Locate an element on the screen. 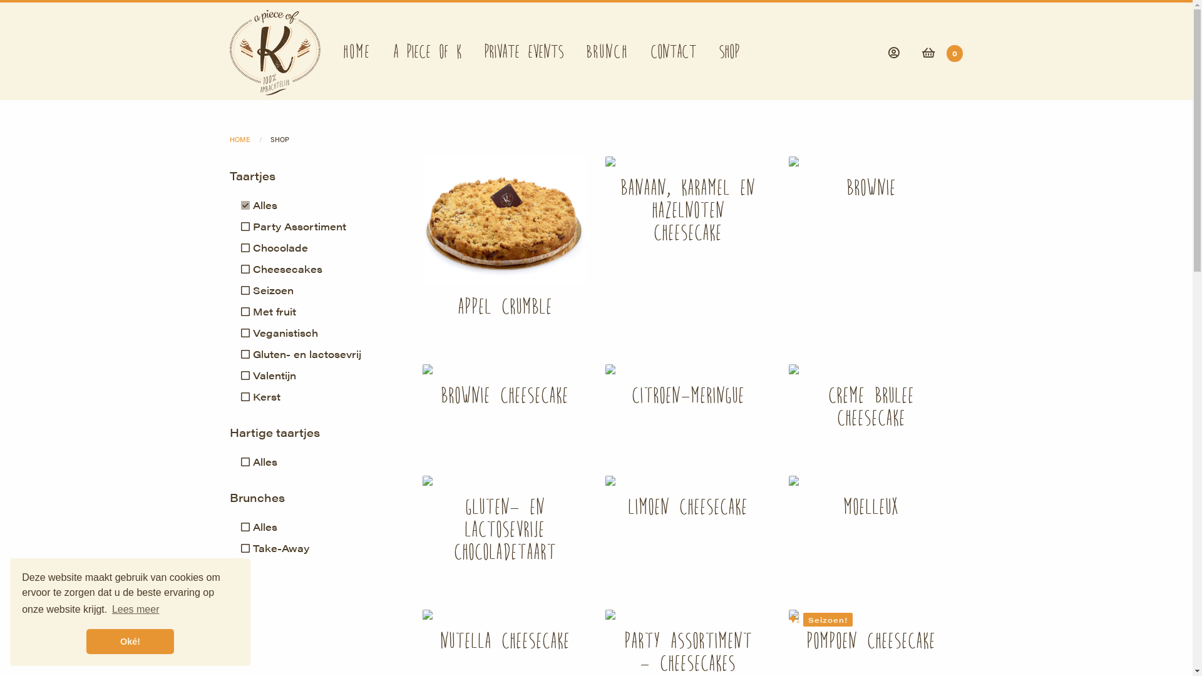 The width and height of the screenshot is (1202, 676). 'Take-Away' is located at coordinates (321, 547).